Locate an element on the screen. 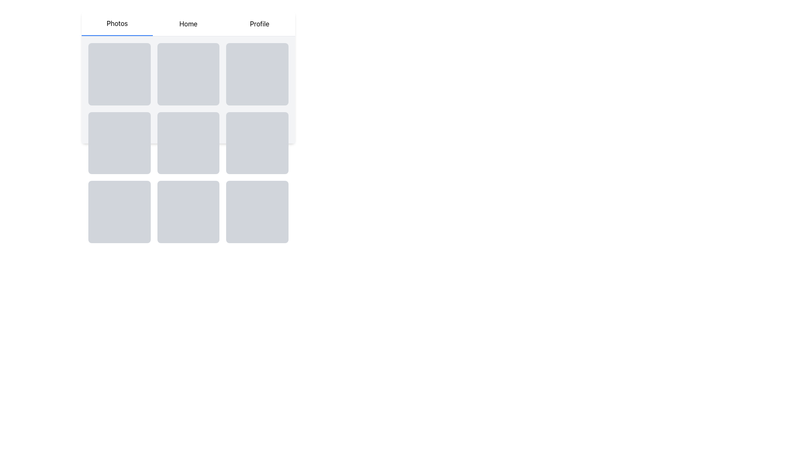 The width and height of the screenshot is (804, 452). the second tab button that navigates to the 'Home' section of the application is located at coordinates (188, 23).